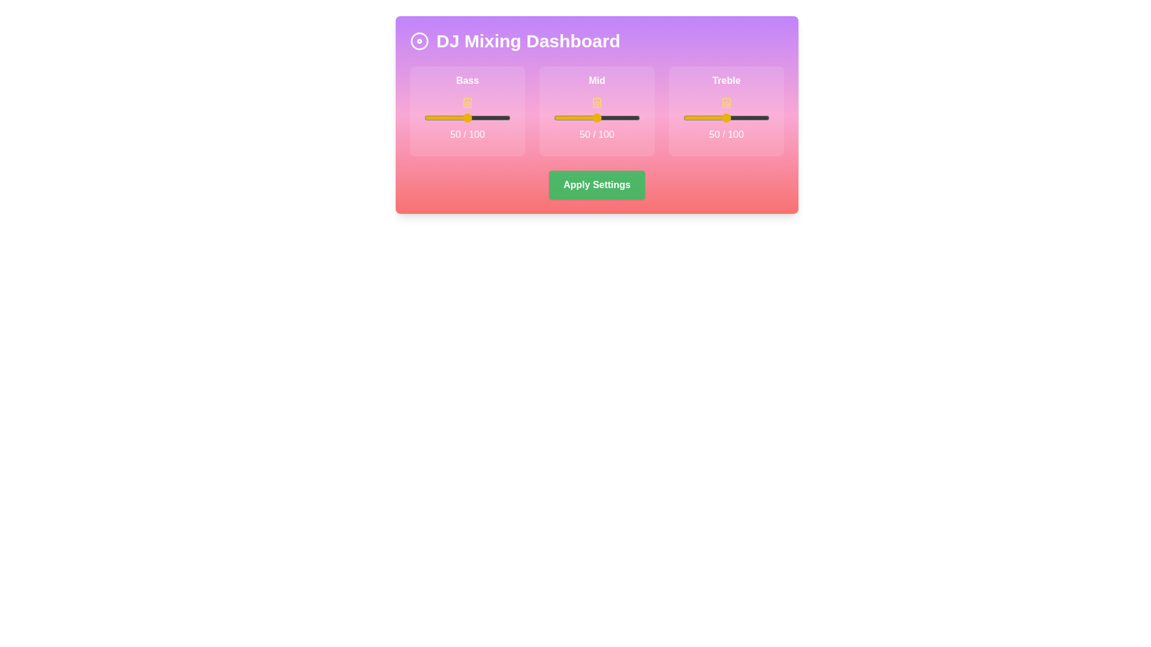 This screenshot has width=1151, height=647. Describe the element at coordinates (706, 117) in the screenshot. I see `the treble slider to 27 (0-100)` at that location.